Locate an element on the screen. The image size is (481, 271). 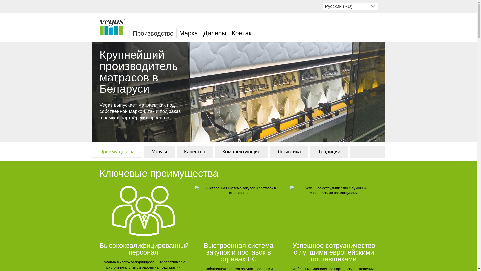
'Vegas' is located at coordinates (100, 27).